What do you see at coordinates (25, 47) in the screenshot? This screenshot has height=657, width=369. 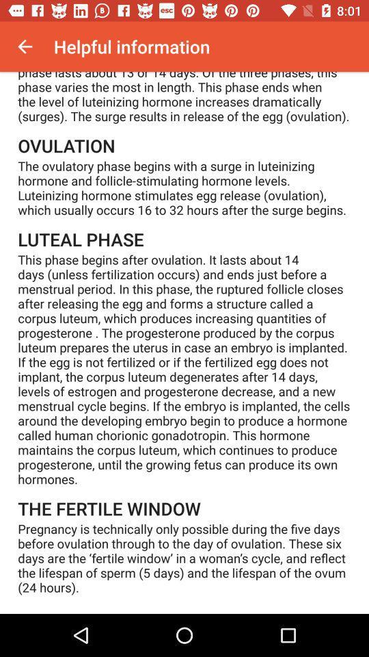 I see `icon at the top left corner` at bounding box center [25, 47].